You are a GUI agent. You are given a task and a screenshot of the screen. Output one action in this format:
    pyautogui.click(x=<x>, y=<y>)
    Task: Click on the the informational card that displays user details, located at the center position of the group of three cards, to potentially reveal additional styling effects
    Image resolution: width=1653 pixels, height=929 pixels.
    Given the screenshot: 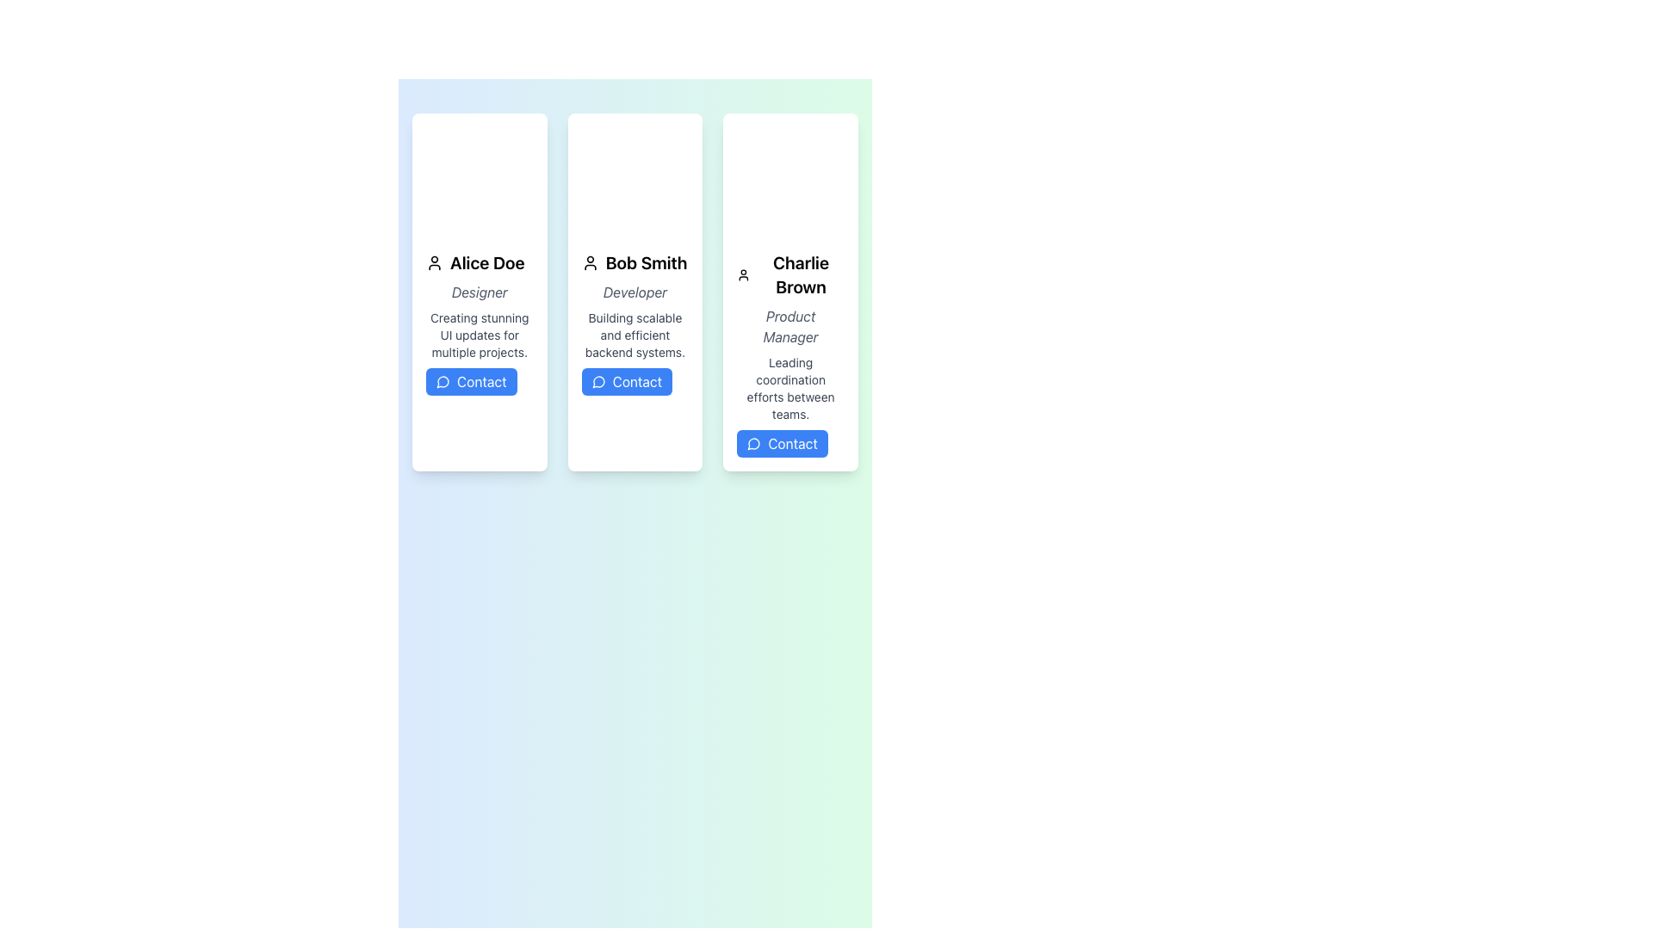 What is the action you would take?
    pyautogui.click(x=635, y=291)
    